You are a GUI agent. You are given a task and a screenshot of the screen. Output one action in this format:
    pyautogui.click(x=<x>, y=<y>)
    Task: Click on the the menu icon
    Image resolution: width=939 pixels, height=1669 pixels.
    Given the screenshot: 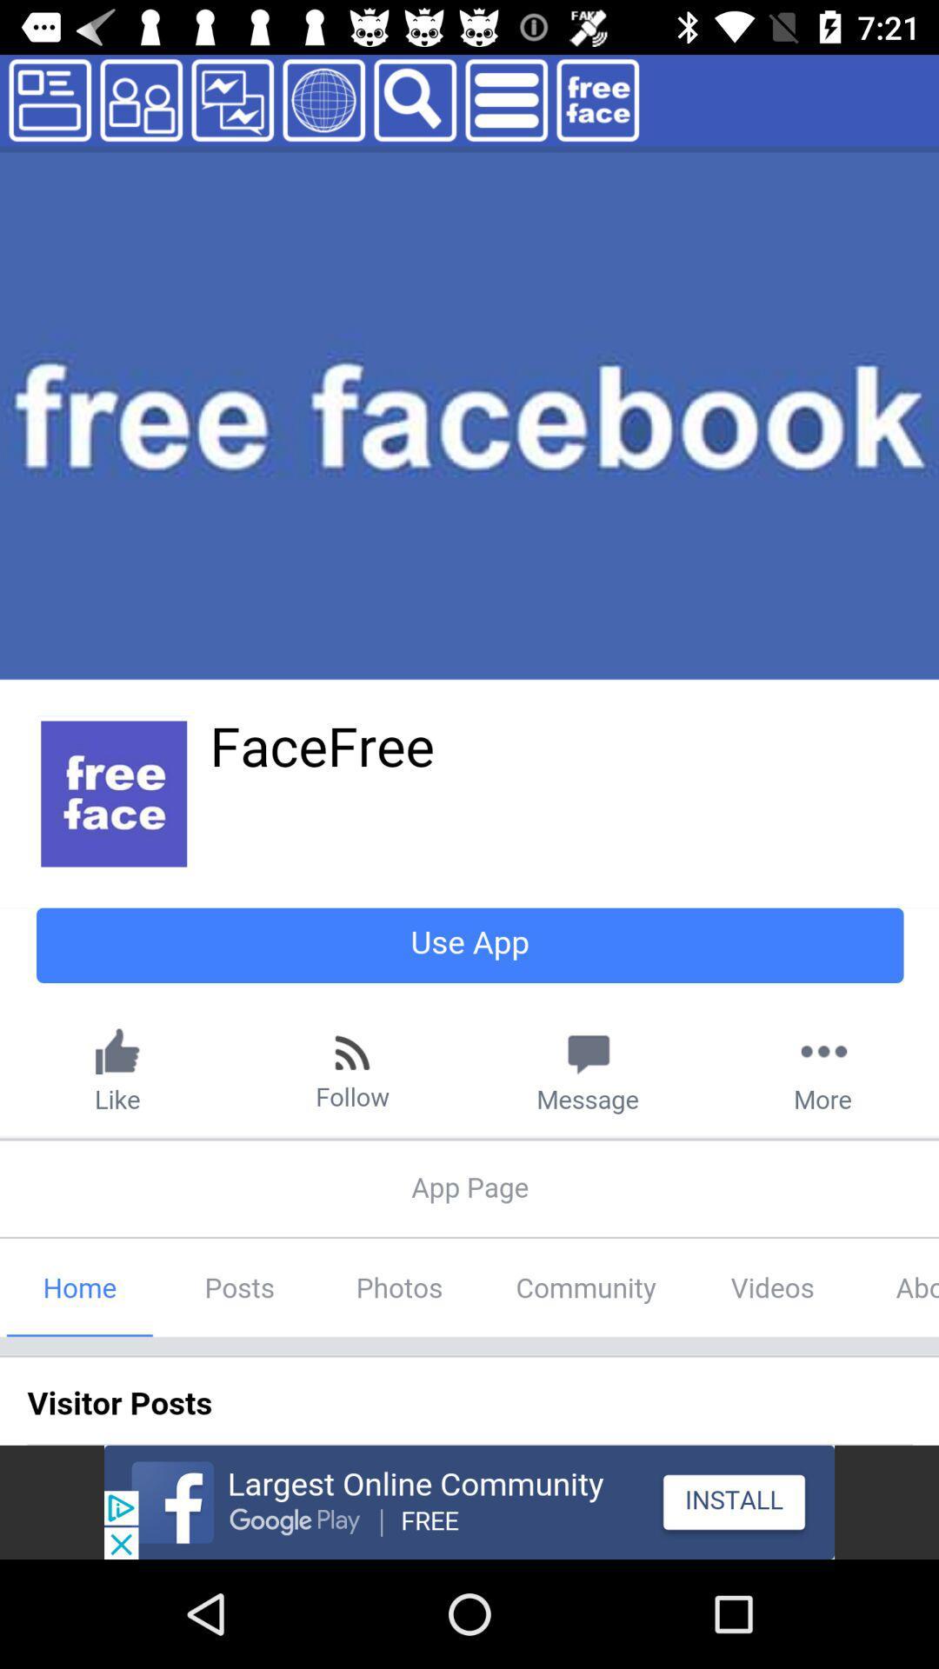 What is the action you would take?
    pyautogui.click(x=506, y=99)
    